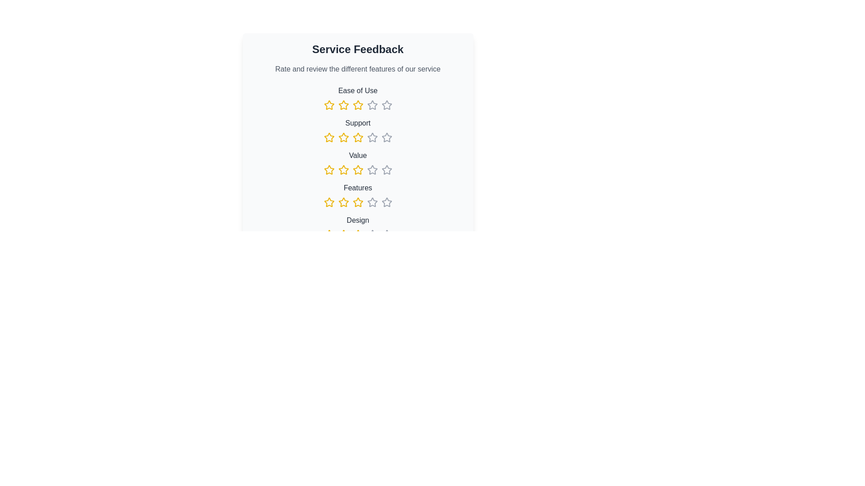 This screenshot has height=486, width=865. I want to click on the second star icon representing the user's rating for the 'Support' category, so click(328, 137).